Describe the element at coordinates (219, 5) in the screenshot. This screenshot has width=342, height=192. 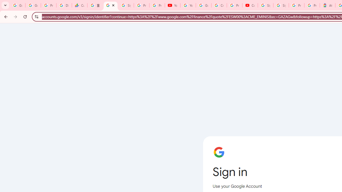
I see `'Create your Google Account'` at that location.